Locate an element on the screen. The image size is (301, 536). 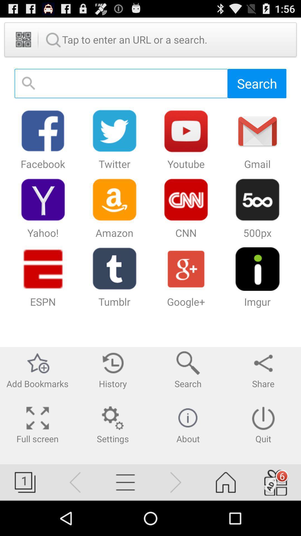
the menu icon is located at coordinates (125, 516).